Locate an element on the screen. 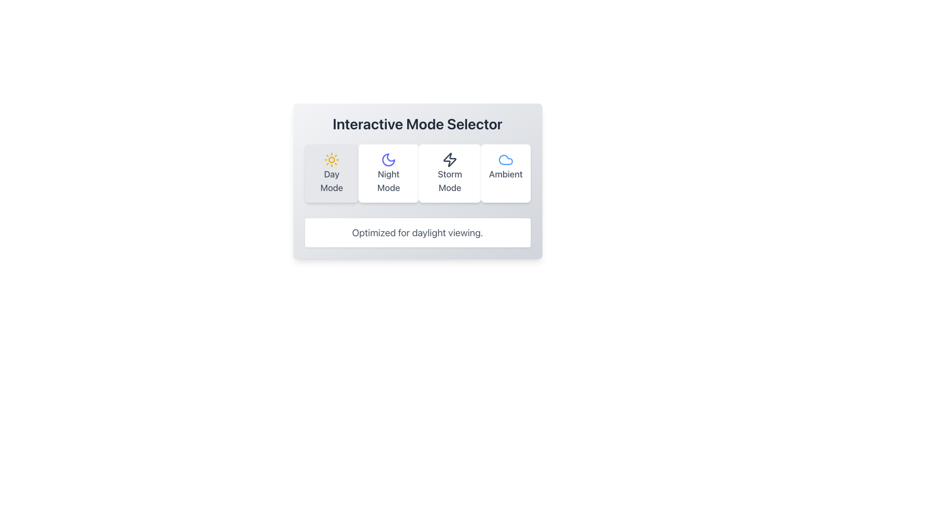 The height and width of the screenshot is (525, 934). the 'Night Mode' icon located above the text 'Night Mode' in the mode selection interface is located at coordinates (388, 159).